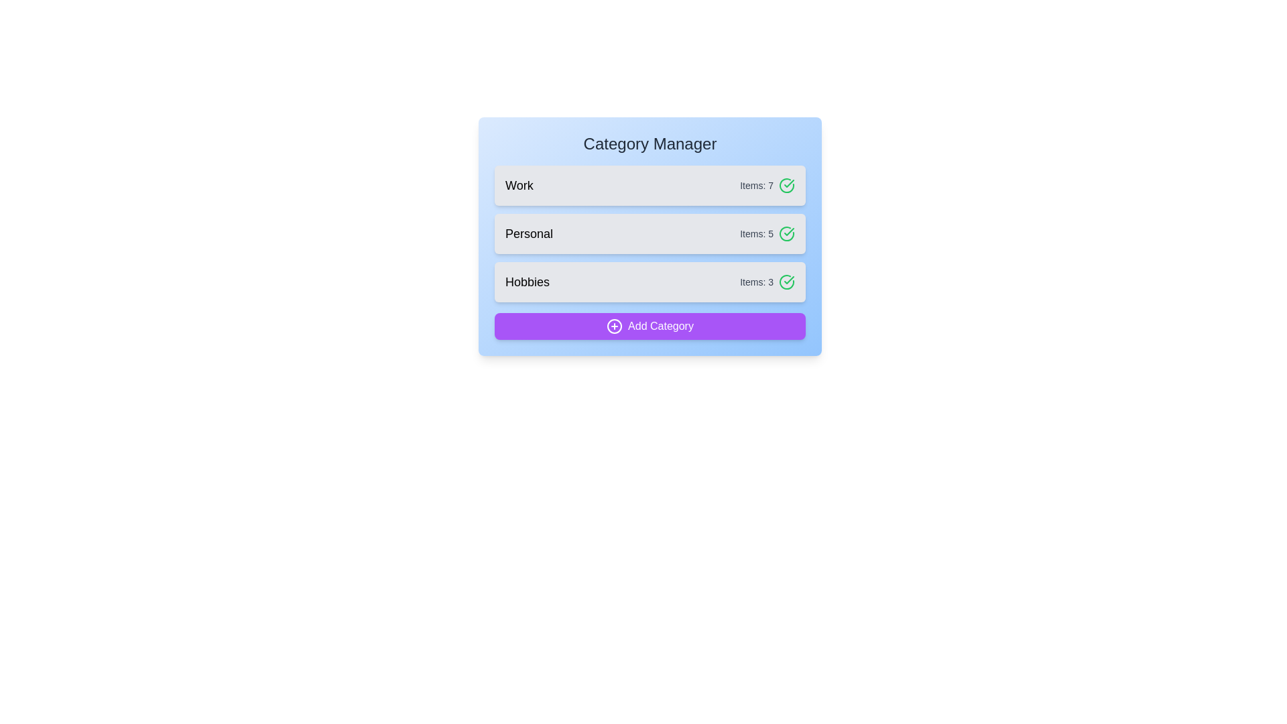 This screenshot has width=1287, height=724. Describe the element at coordinates (787, 233) in the screenshot. I see `checkmark icon next to the Personal category` at that location.